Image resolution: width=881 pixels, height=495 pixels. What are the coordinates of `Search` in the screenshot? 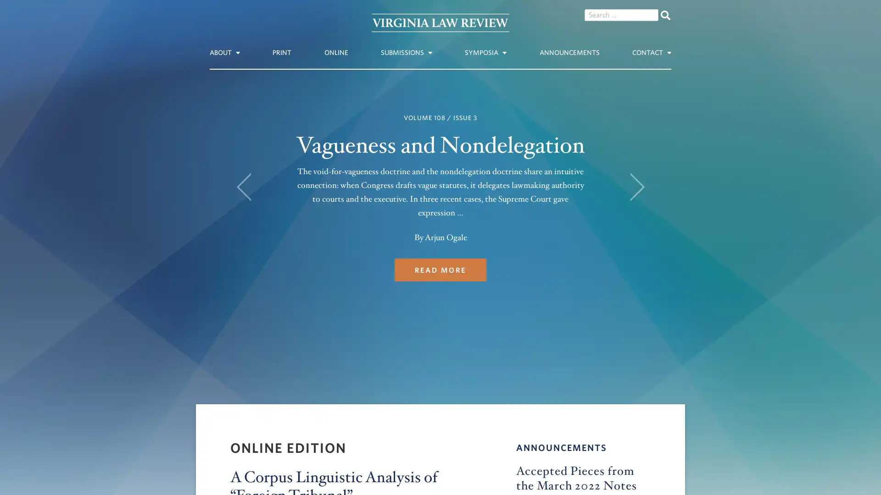 It's located at (665, 15).